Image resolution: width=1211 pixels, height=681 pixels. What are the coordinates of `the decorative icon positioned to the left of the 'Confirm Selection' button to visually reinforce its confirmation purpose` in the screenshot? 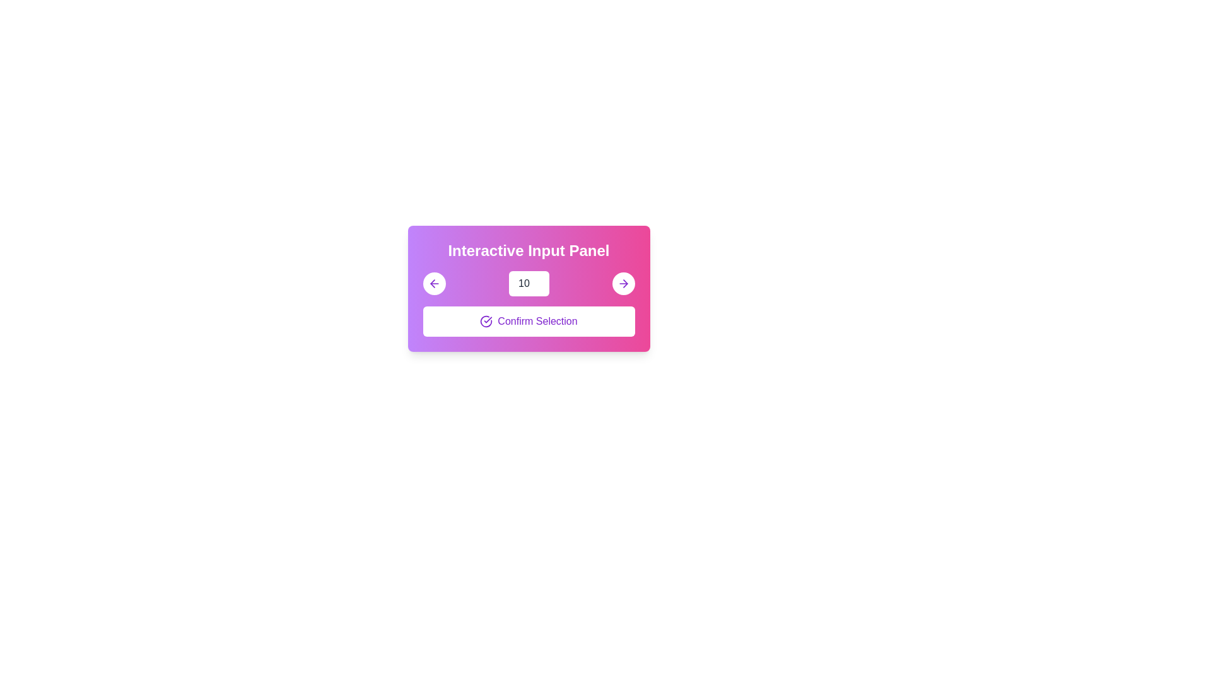 It's located at (486, 320).